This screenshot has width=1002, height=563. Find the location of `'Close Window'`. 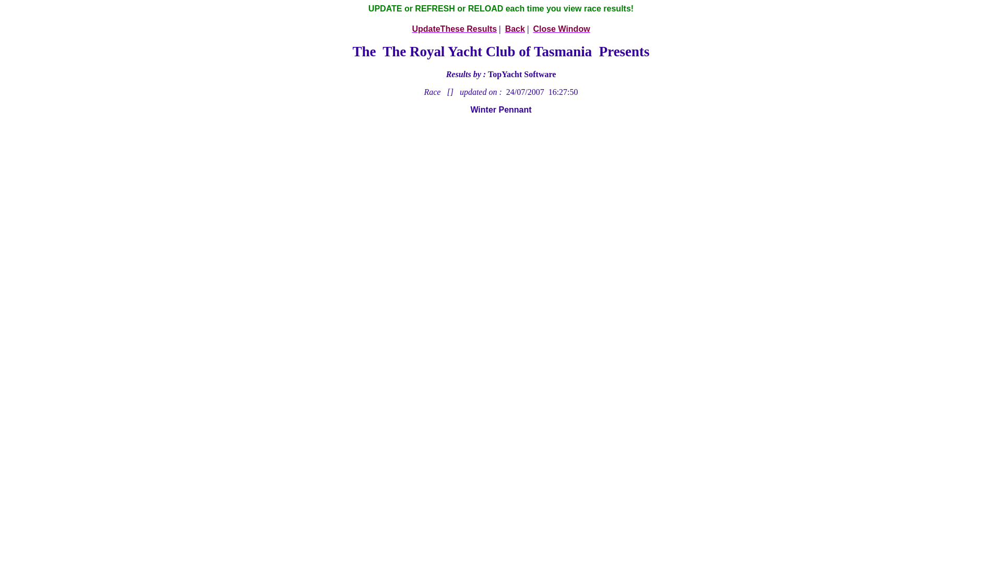

'Close Window' is located at coordinates (560, 28).